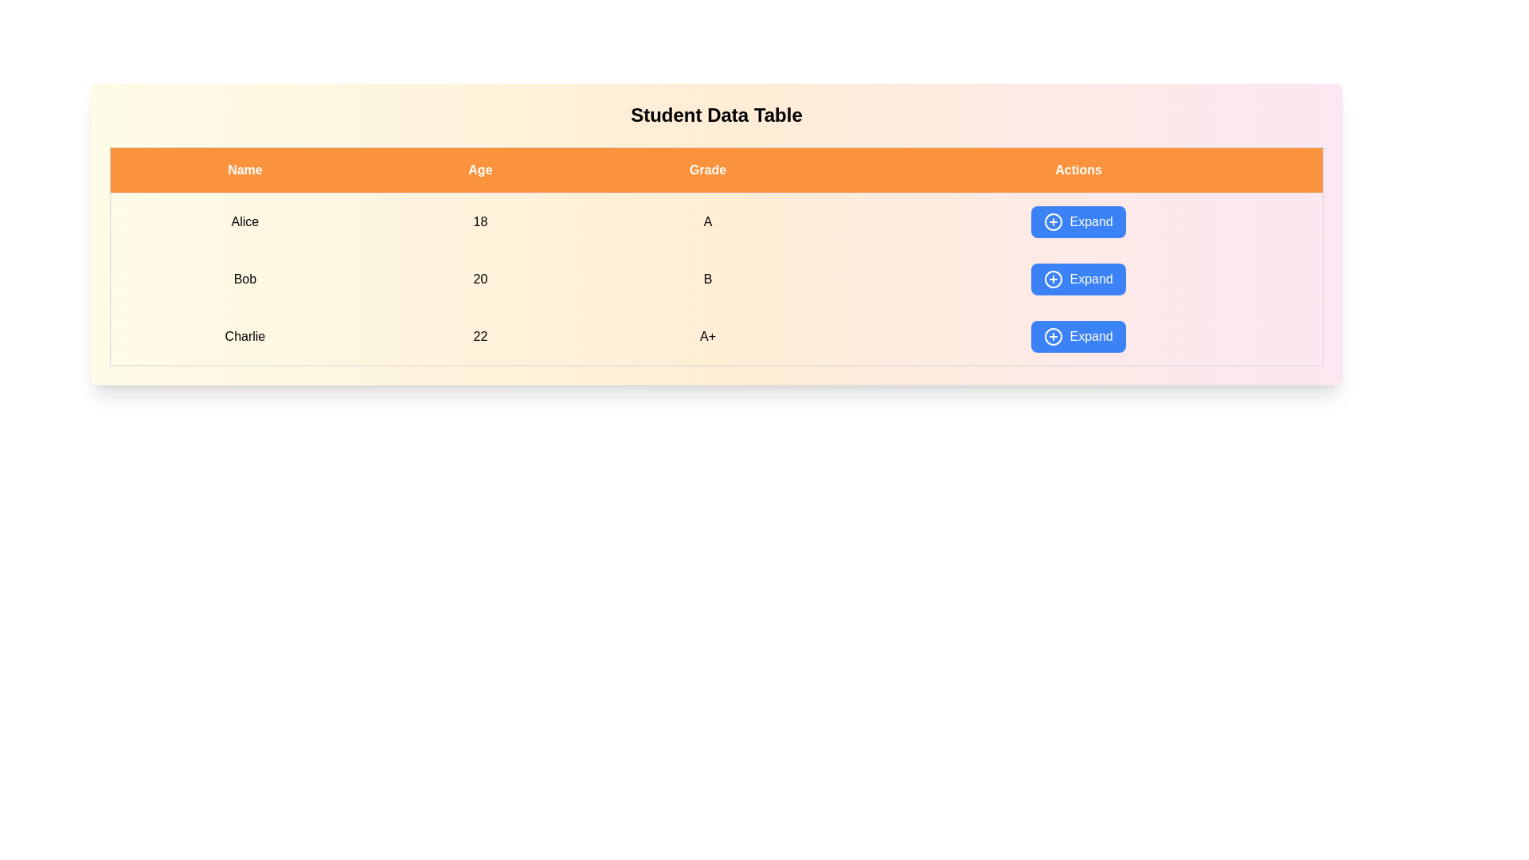  I want to click on the second button in the 'Actions' column of the second row of the table, so click(1078, 279).